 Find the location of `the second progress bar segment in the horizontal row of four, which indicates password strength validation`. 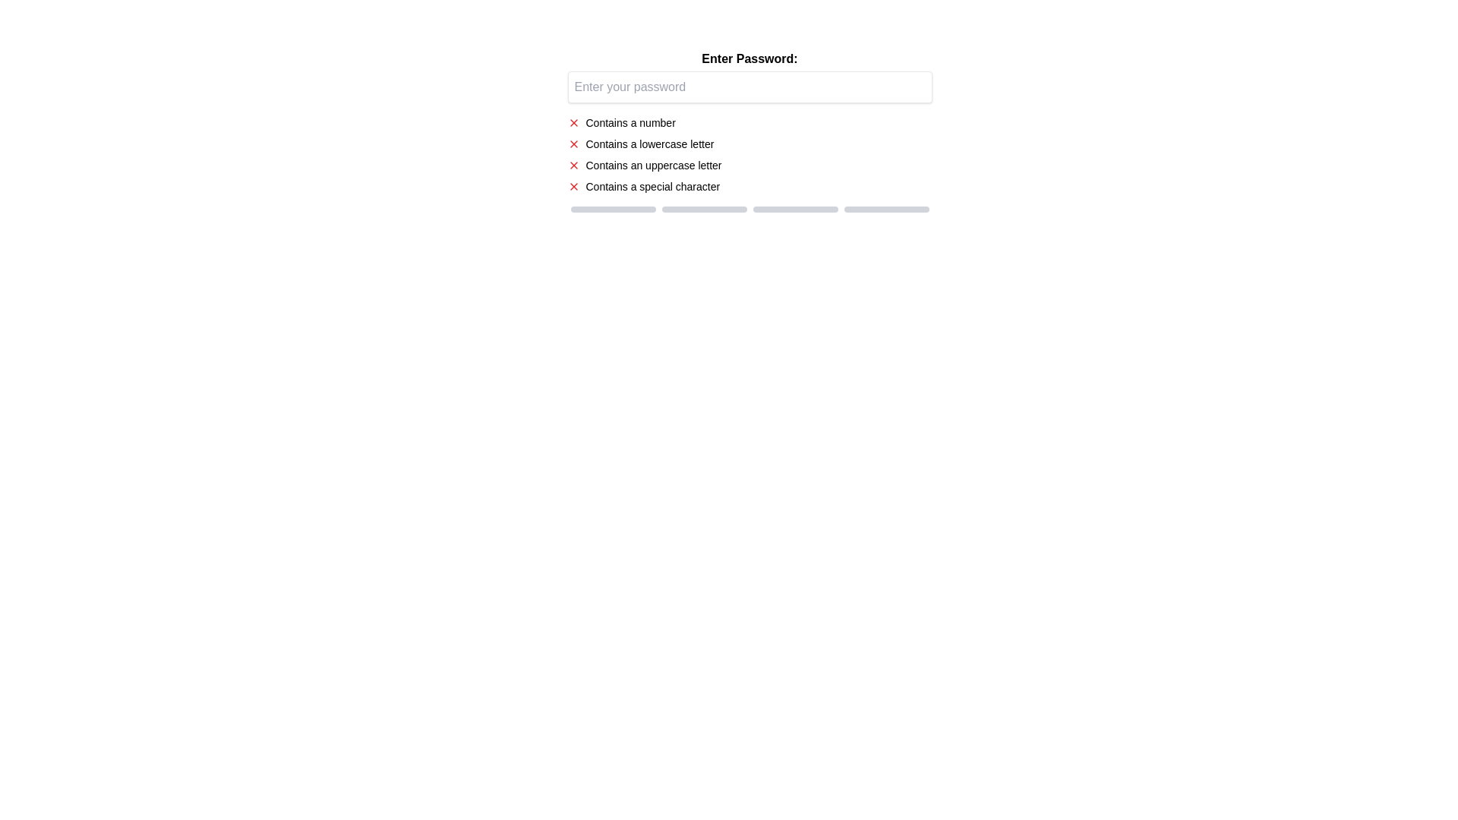

the second progress bar segment in the horizontal row of four, which indicates password strength validation is located at coordinates (703, 210).